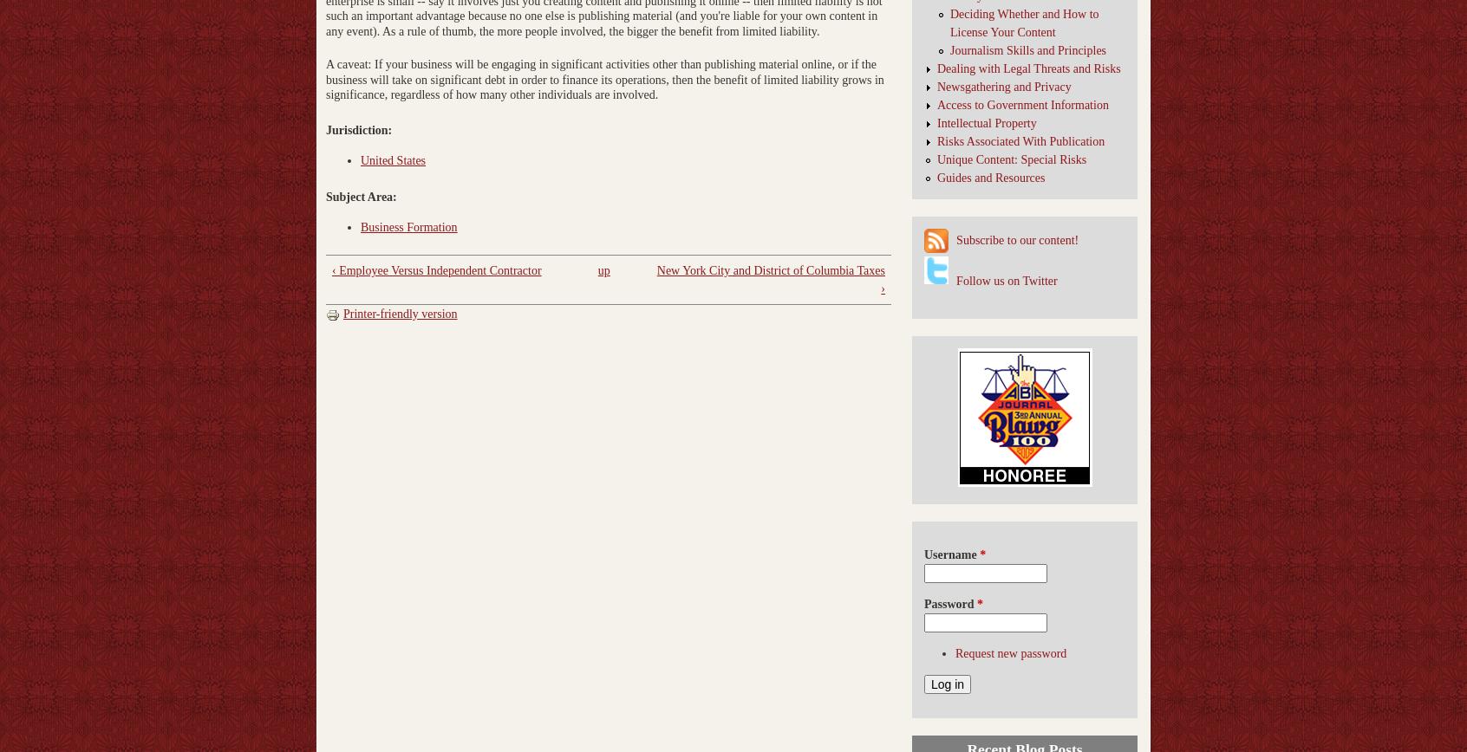 Image resolution: width=1467 pixels, height=752 pixels. I want to click on 'Risks Associated With Publication', so click(1020, 140).